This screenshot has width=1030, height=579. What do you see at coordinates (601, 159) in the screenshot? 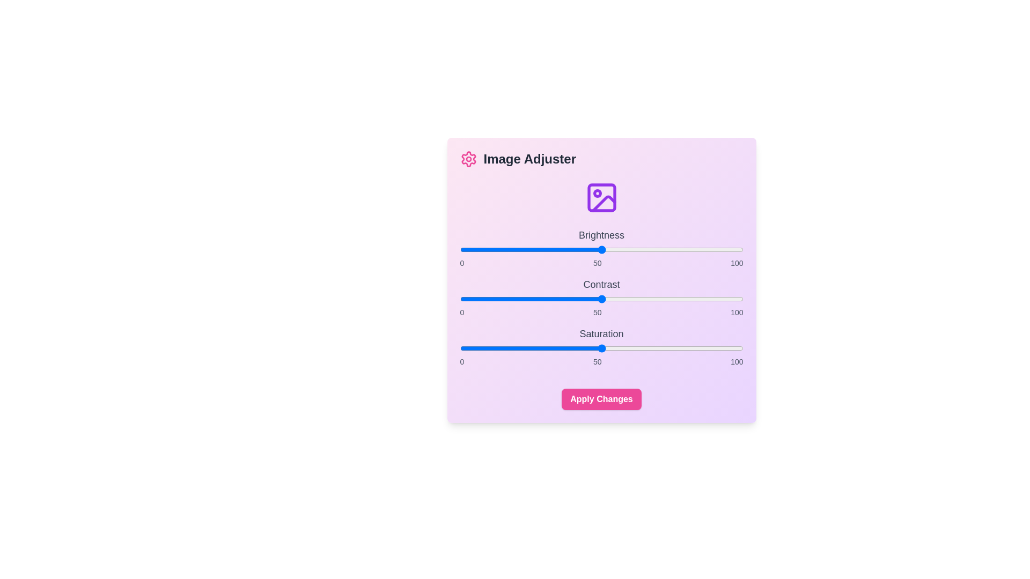
I see `the title text 'Image Adjuster'` at bounding box center [601, 159].